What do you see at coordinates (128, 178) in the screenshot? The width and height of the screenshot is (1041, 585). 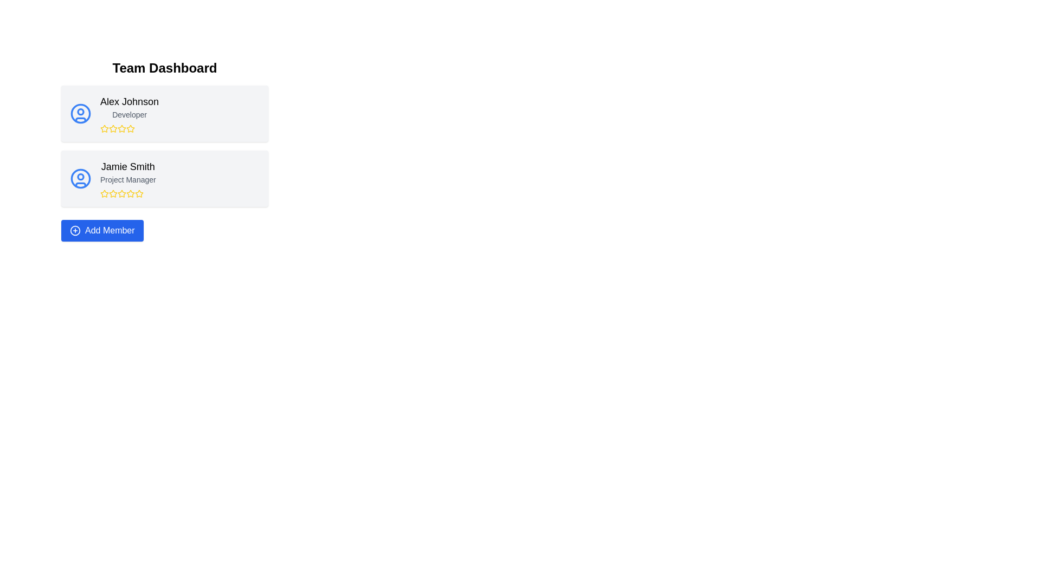 I see `the team member label displaying their name and job title, located in the second card of the team dashboard, centrally positioned above the rating stars` at bounding box center [128, 178].